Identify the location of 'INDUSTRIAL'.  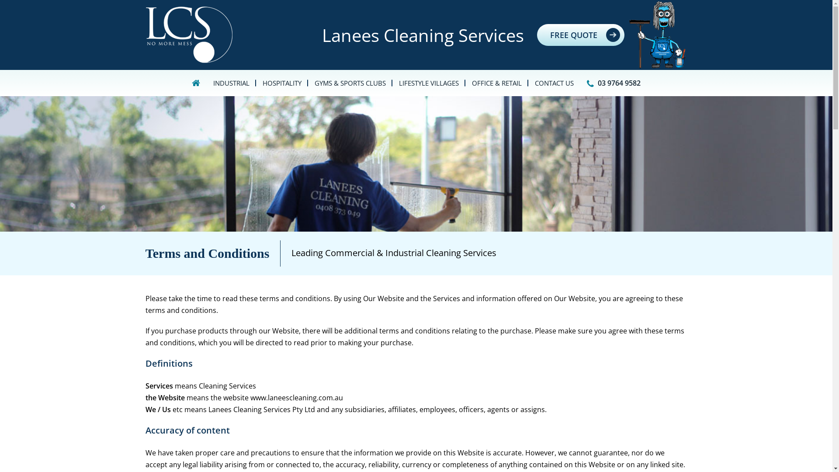
(213, 83).